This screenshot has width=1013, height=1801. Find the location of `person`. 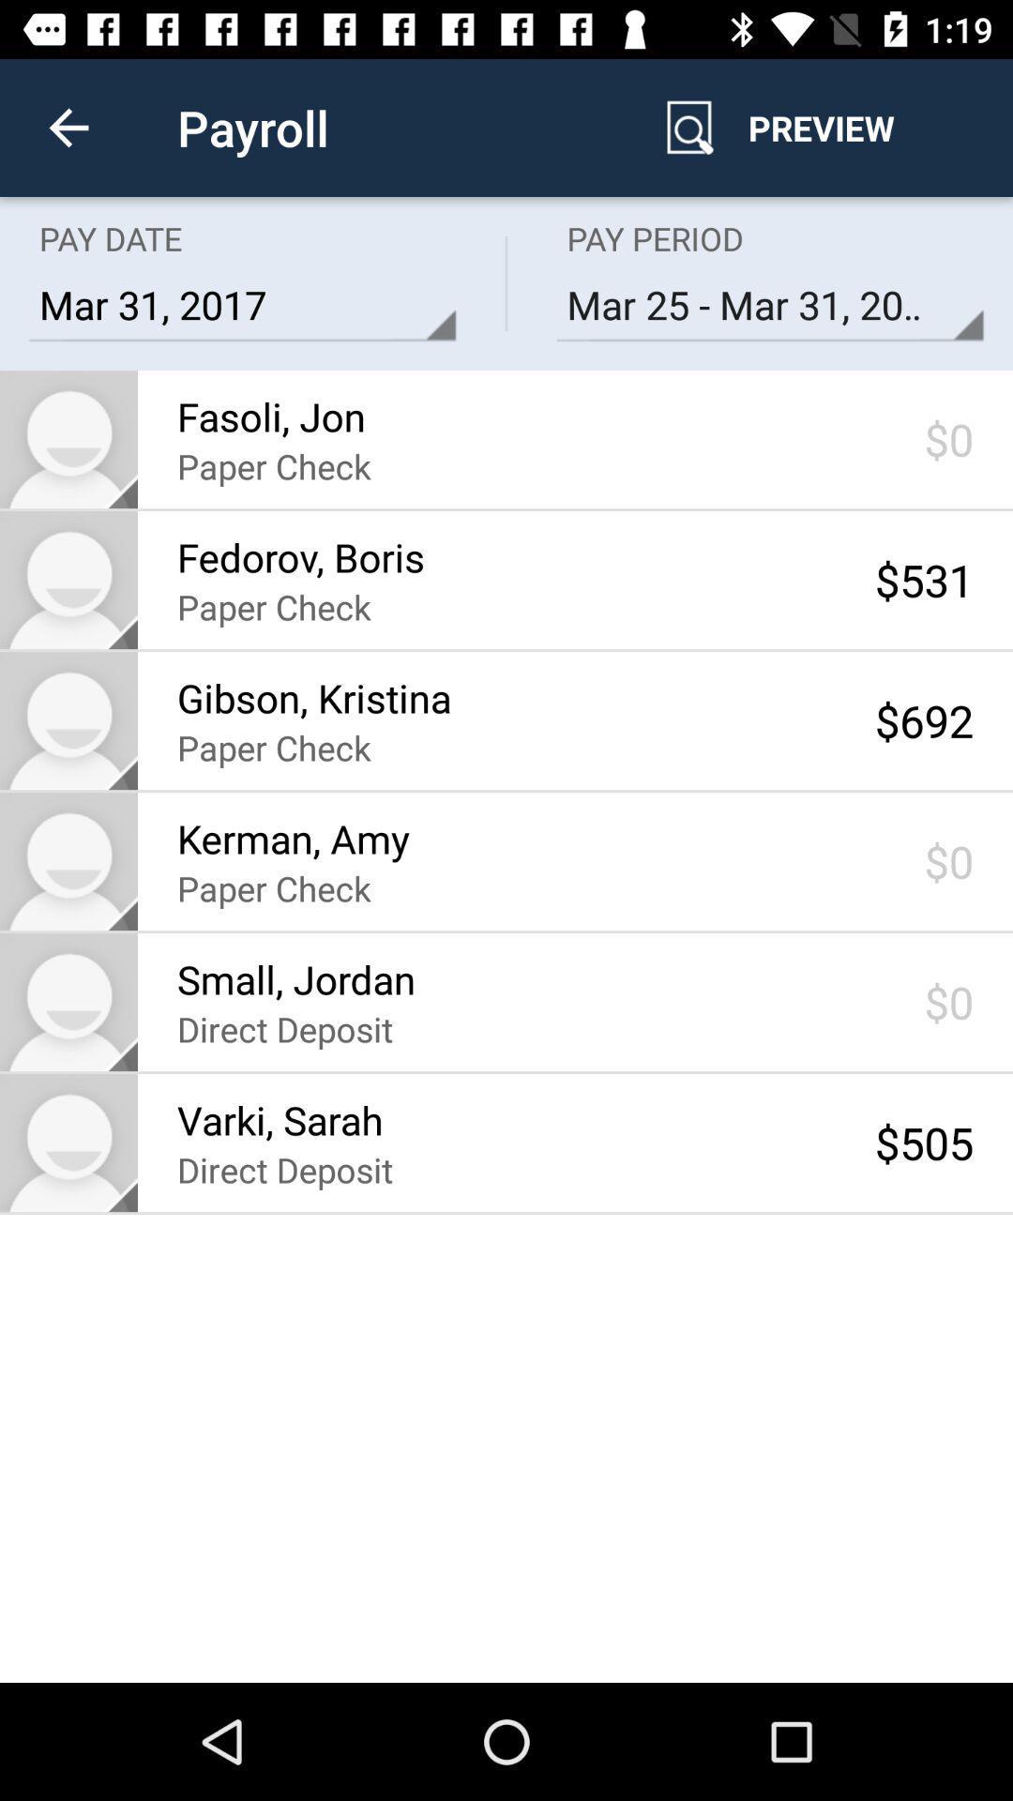

person is located at coordinates (68, 438).